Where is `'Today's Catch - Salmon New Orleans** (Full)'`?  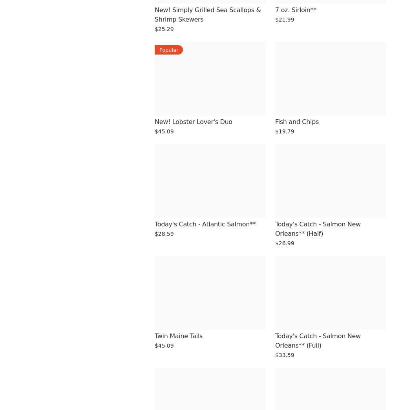
'Today's Catch - Salmon New Orleans** (Full)' is located at coordinates (318, 340).